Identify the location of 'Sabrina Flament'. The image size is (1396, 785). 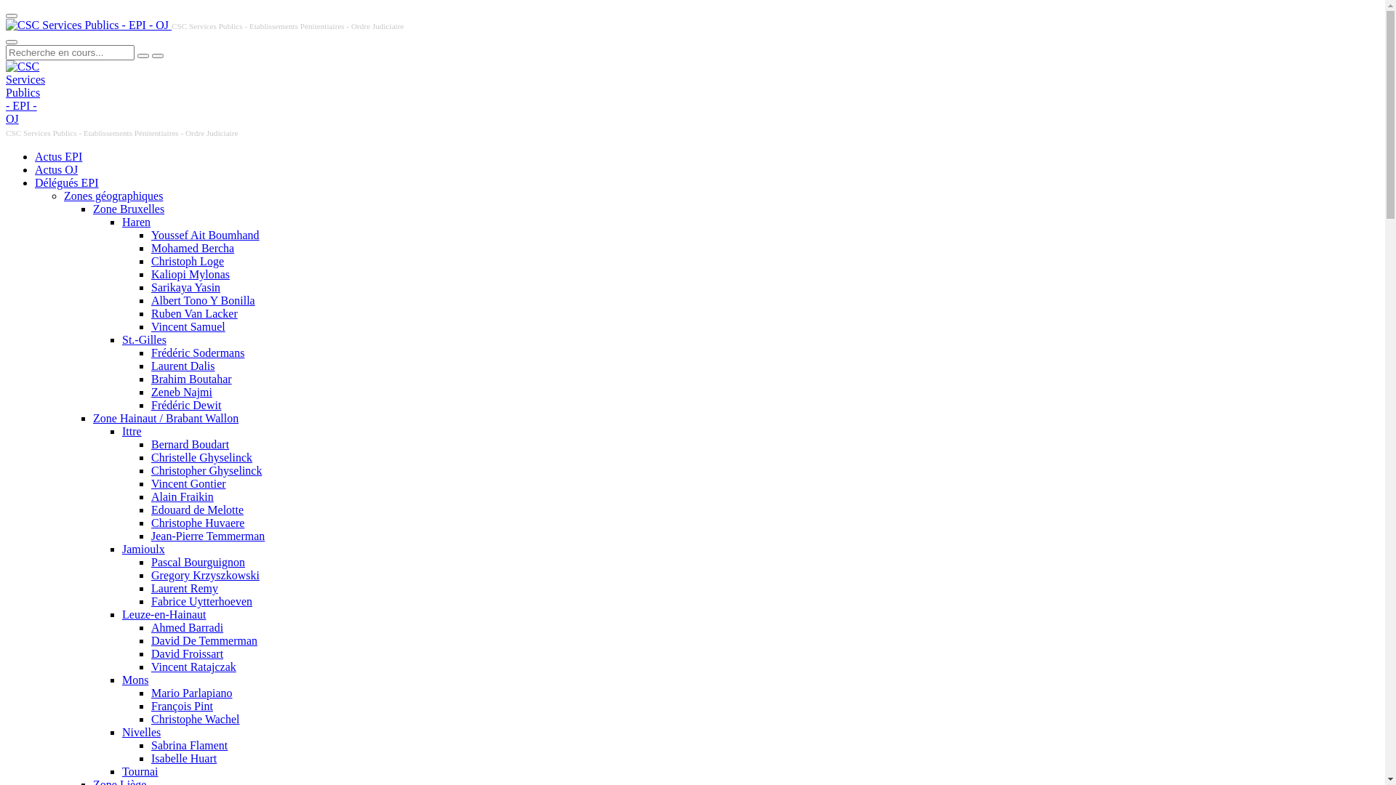
(188, 745).